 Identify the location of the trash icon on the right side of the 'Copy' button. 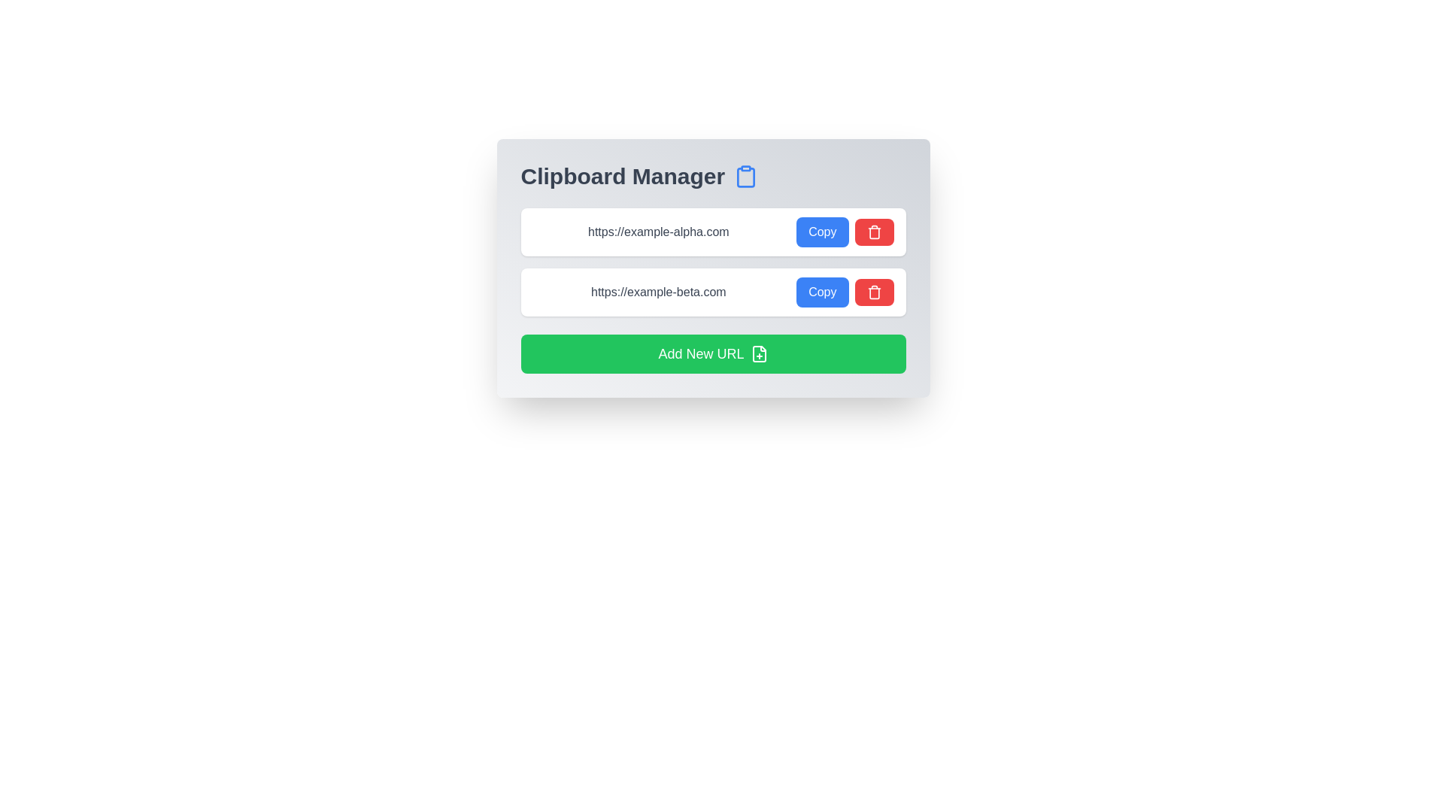
(874, 232).